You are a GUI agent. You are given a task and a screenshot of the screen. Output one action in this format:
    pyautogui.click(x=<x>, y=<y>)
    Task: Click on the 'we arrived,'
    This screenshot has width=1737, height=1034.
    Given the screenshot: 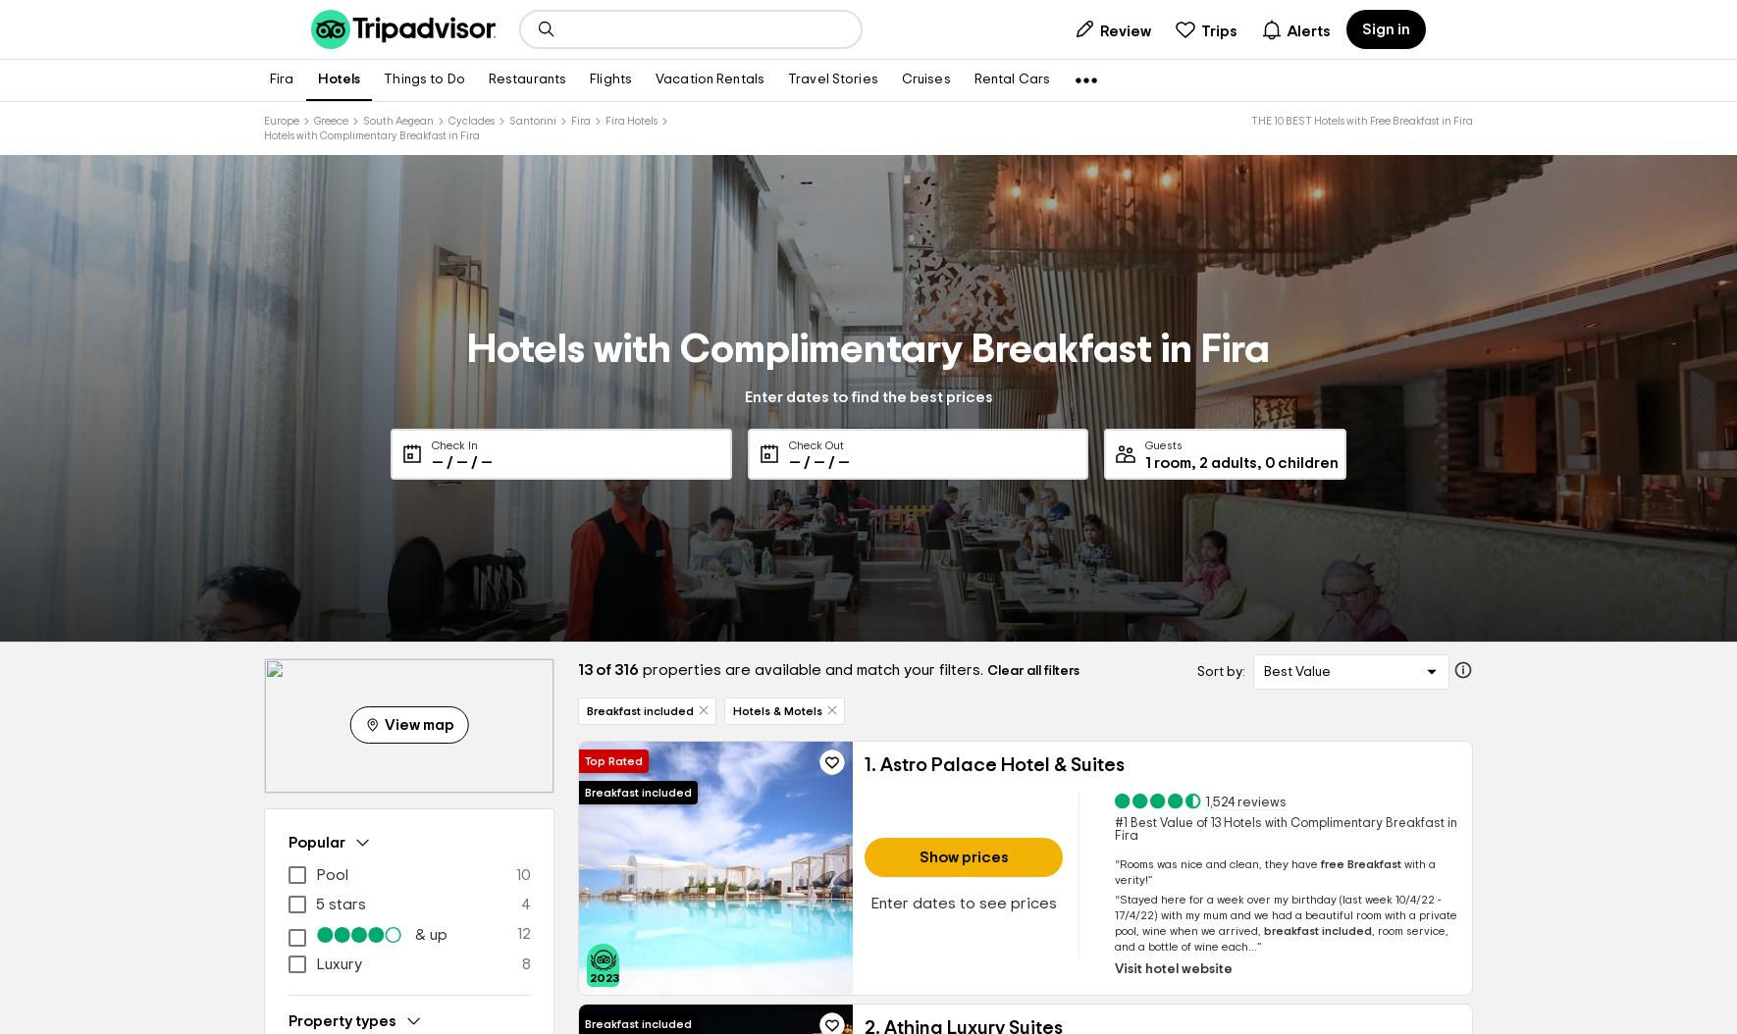 What is the action you would take?
    pyautogui.click(x=1229, y=931)
    